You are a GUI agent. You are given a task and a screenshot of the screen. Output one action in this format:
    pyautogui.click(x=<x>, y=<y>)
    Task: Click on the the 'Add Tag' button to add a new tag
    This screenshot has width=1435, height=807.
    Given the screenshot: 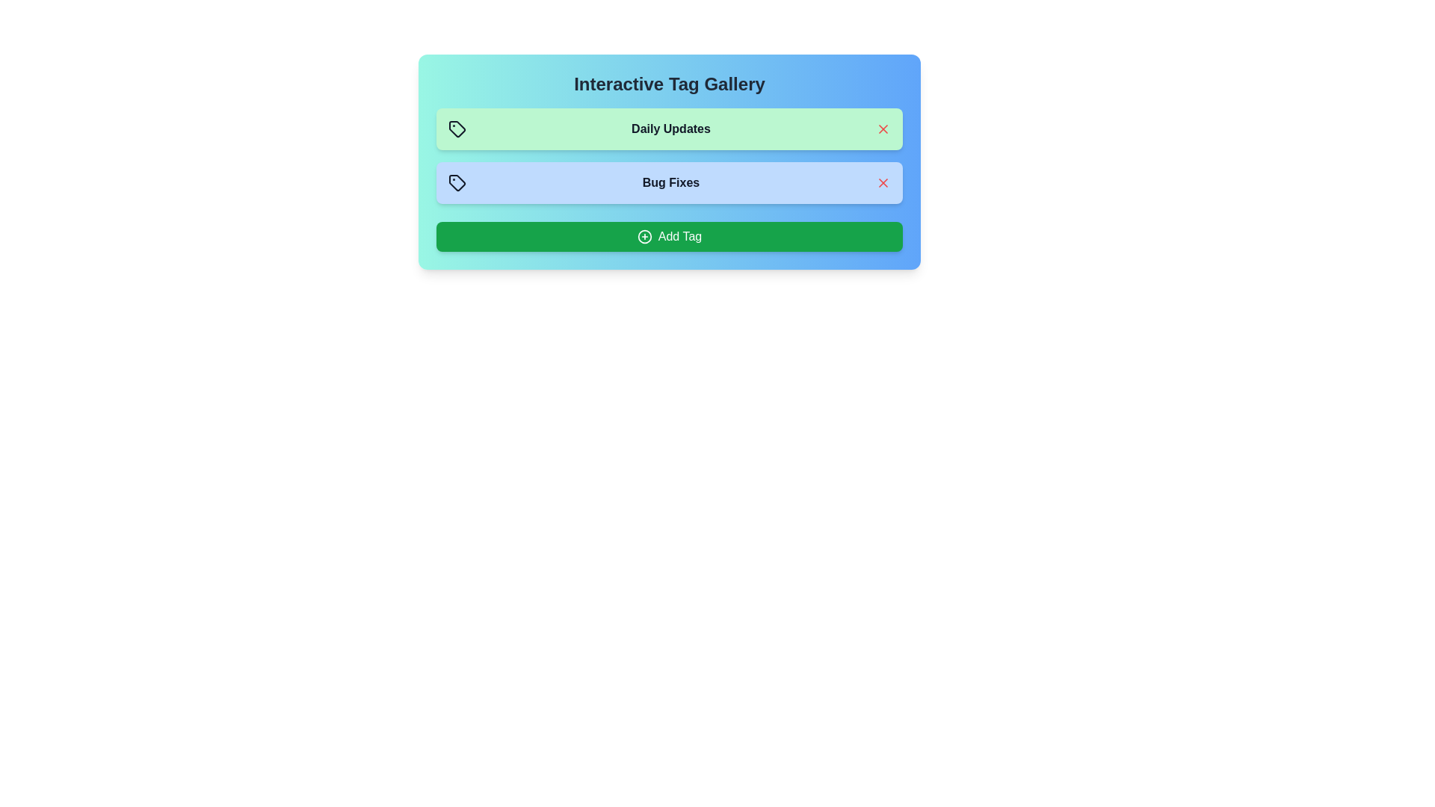 What is the action you would take?
    pyautogui.click(x=669, y=235)
    